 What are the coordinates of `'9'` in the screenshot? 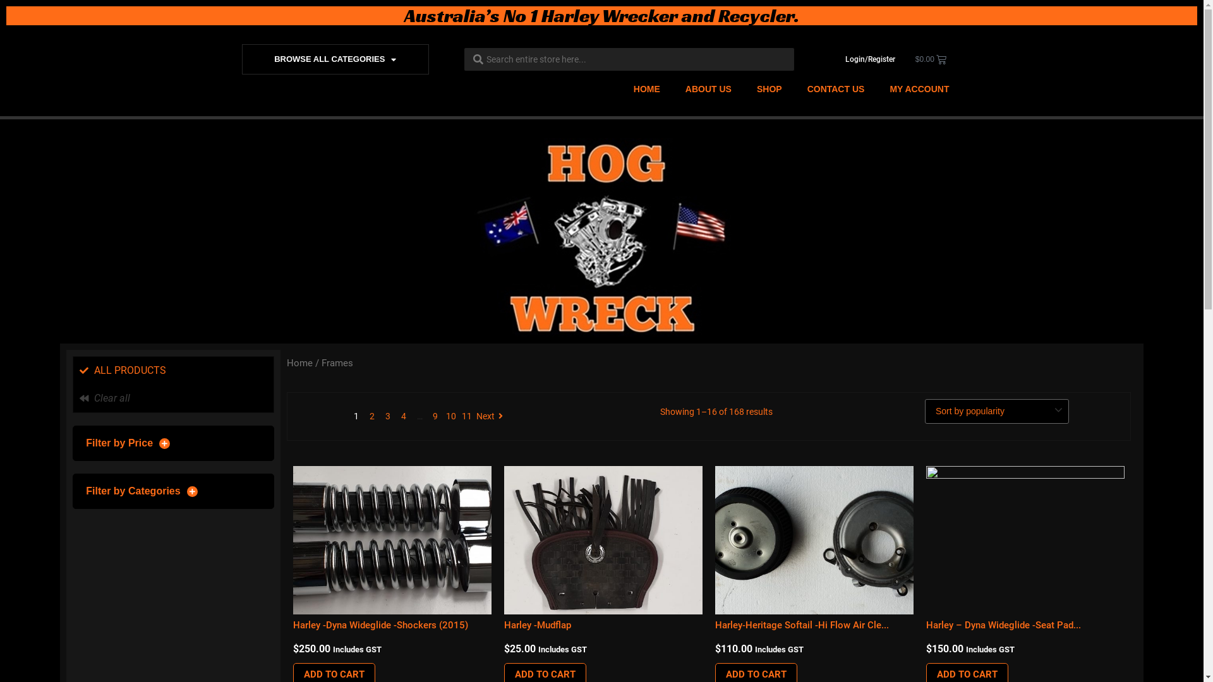 It's located at (435, 416).